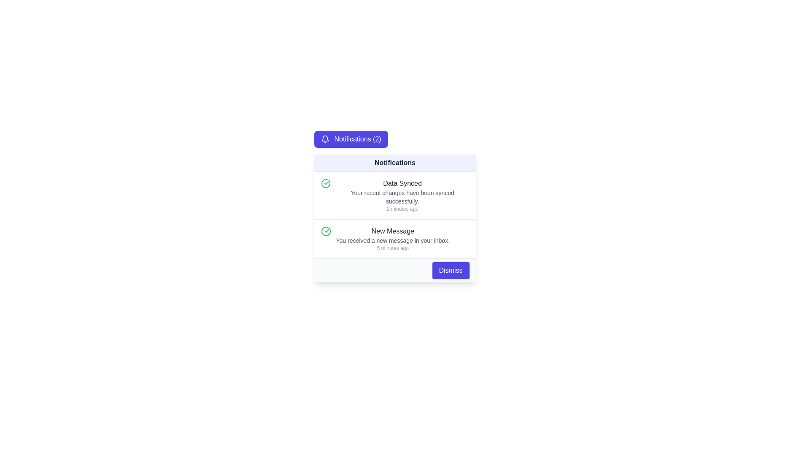 The width and height of the screenshot is (810, 456). Describe the element at coordinates (450, 270) in the screenshot. I see `the 'Dismiss' button located at the lower right corner of the notification panel to observe the hover effect` at that location.